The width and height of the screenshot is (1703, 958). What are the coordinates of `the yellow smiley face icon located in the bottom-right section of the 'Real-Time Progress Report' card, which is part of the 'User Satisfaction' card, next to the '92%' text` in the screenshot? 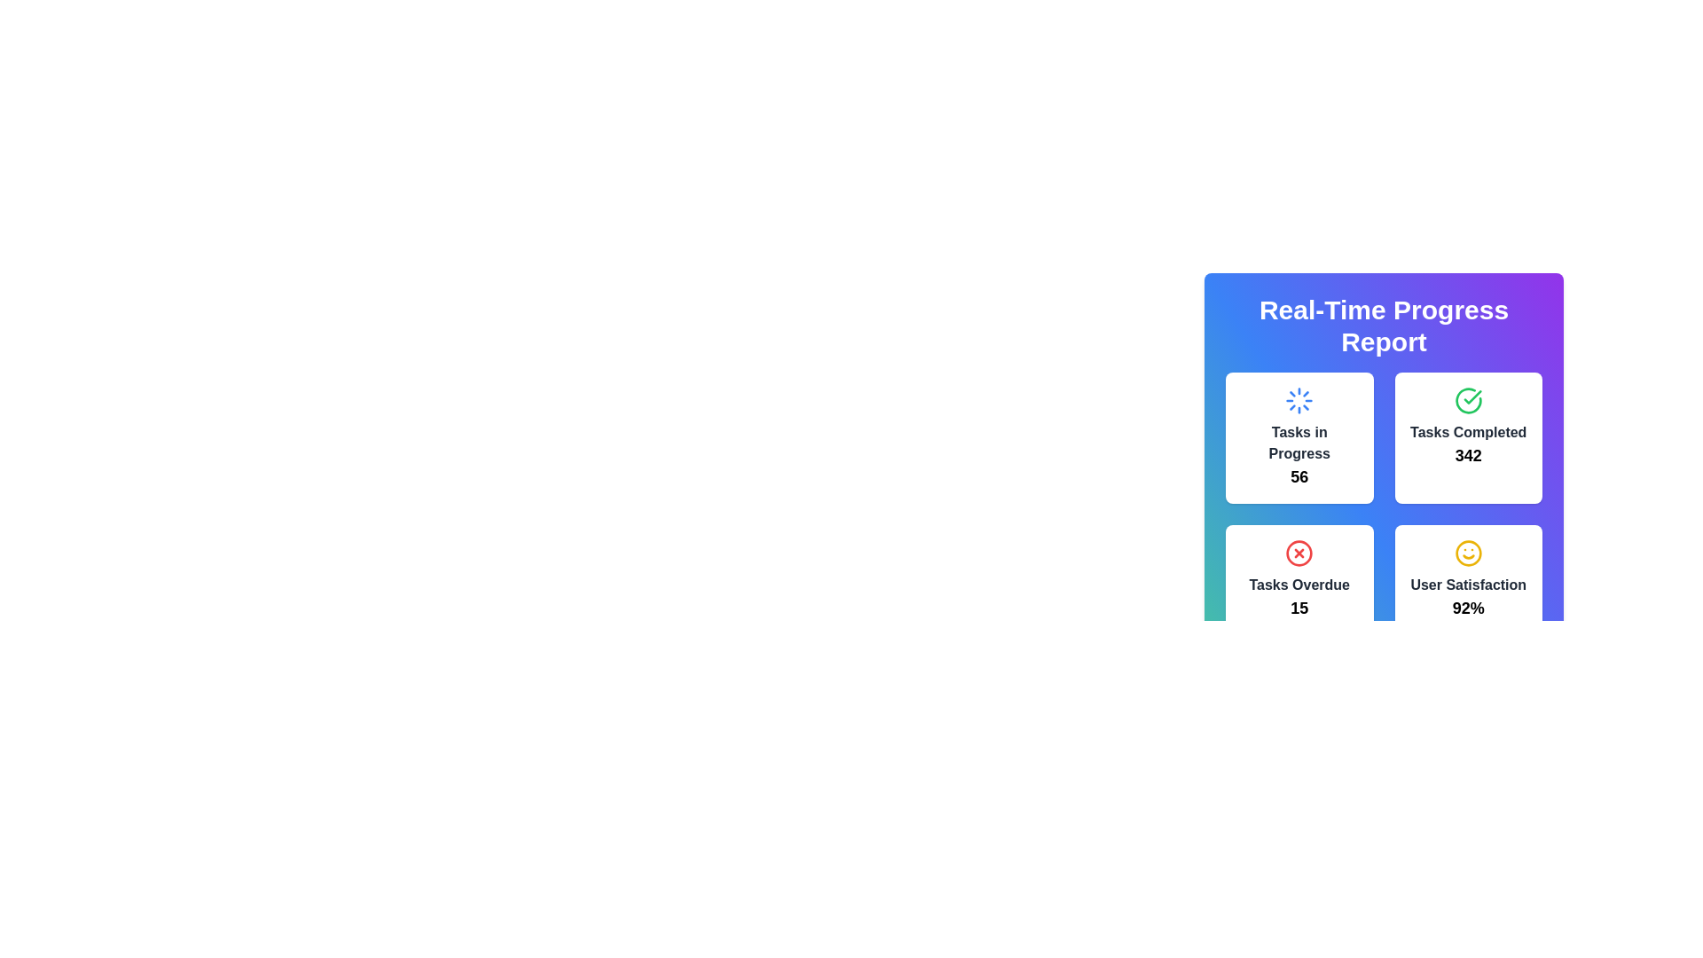 It's located at (1468, 553).